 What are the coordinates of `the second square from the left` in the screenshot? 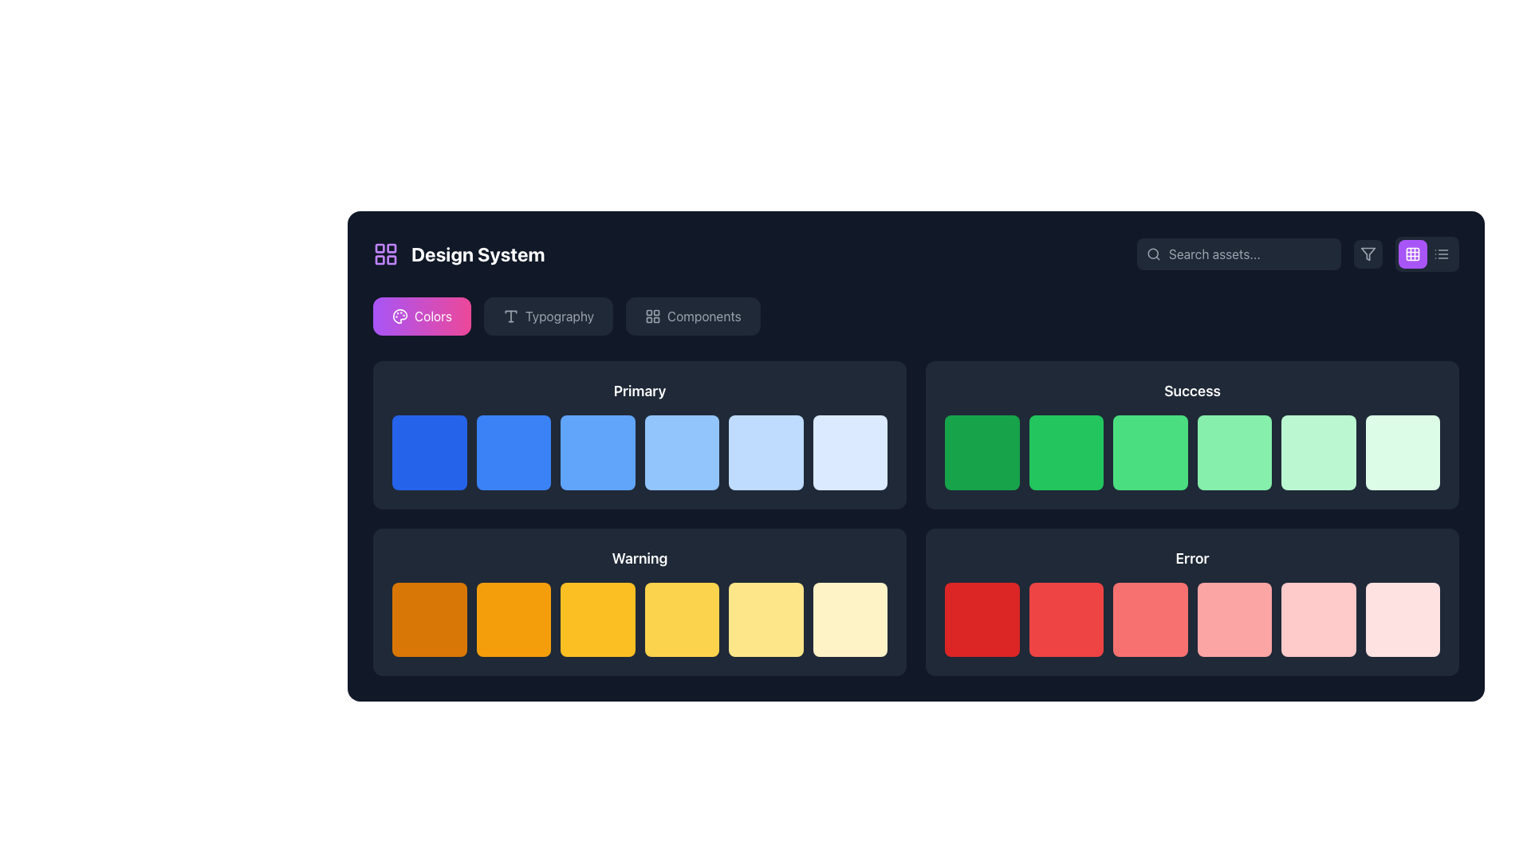 It's located at (1066, 452).